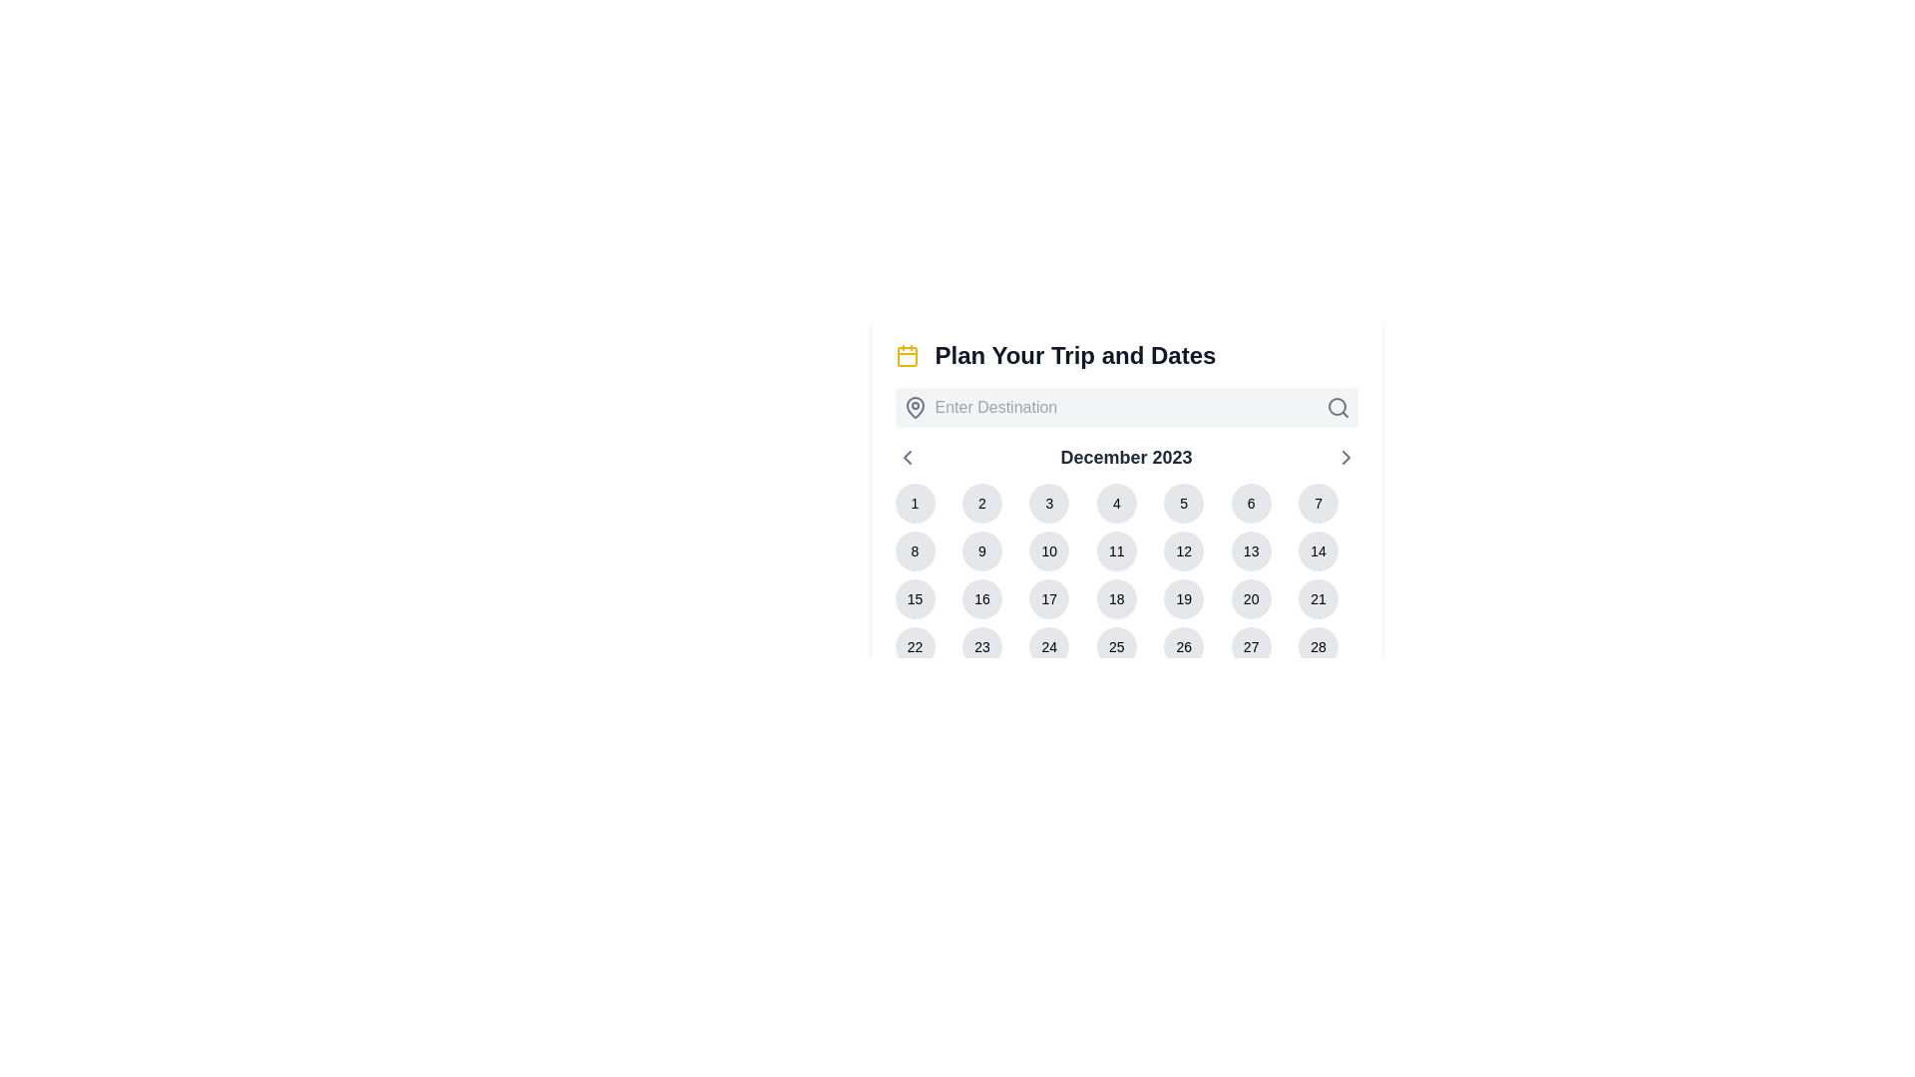 The width and height of the screenshot is (1915, 1077). What do you see at coordinates (981, 646) in the screenshot?
I see `the circular button labeled '23' with a gray background and black text, located in the grid under 'December 2023' in the fourth row and second column` at bounding box center [981, 646].